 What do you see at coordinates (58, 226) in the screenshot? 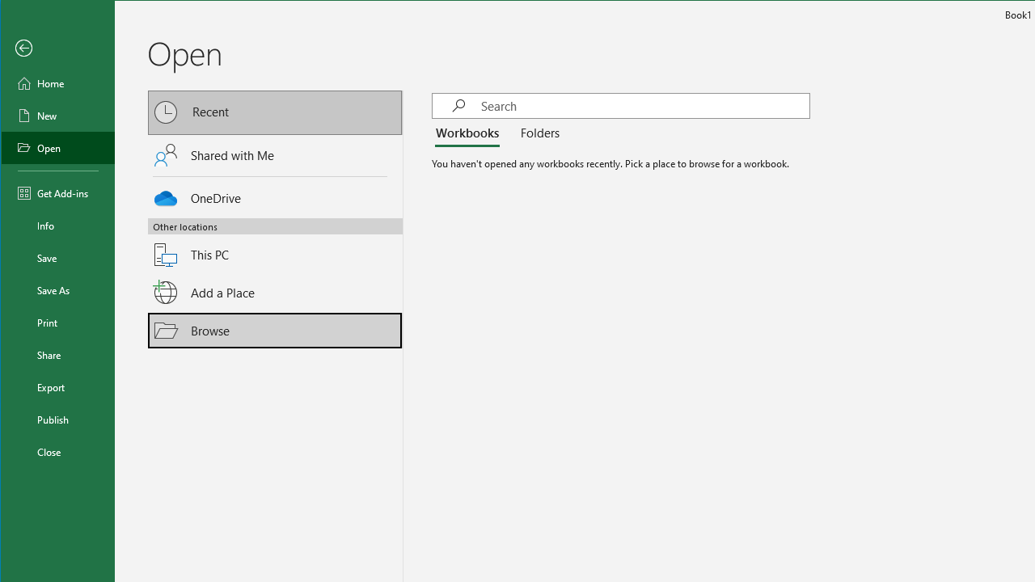
I see `'Info'` at bounding box center [58, 226].